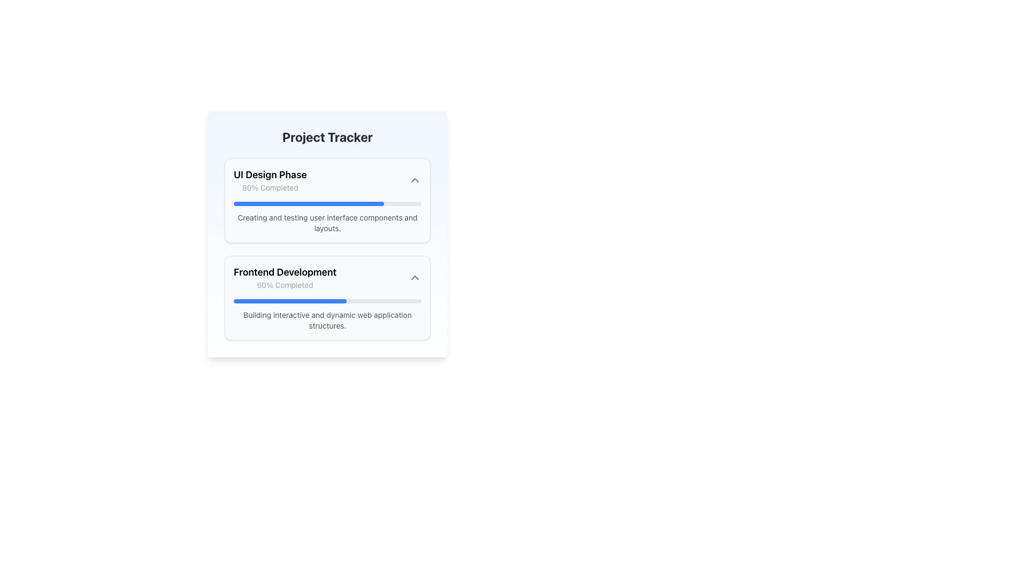 This screenshot has height=578, width=1027. Describe the element at coordinates (285, 272) in the screenshot. I see `the 'Frontend Development' text label which is styled in bold and serves as the heading in the project tracker block` at that location.